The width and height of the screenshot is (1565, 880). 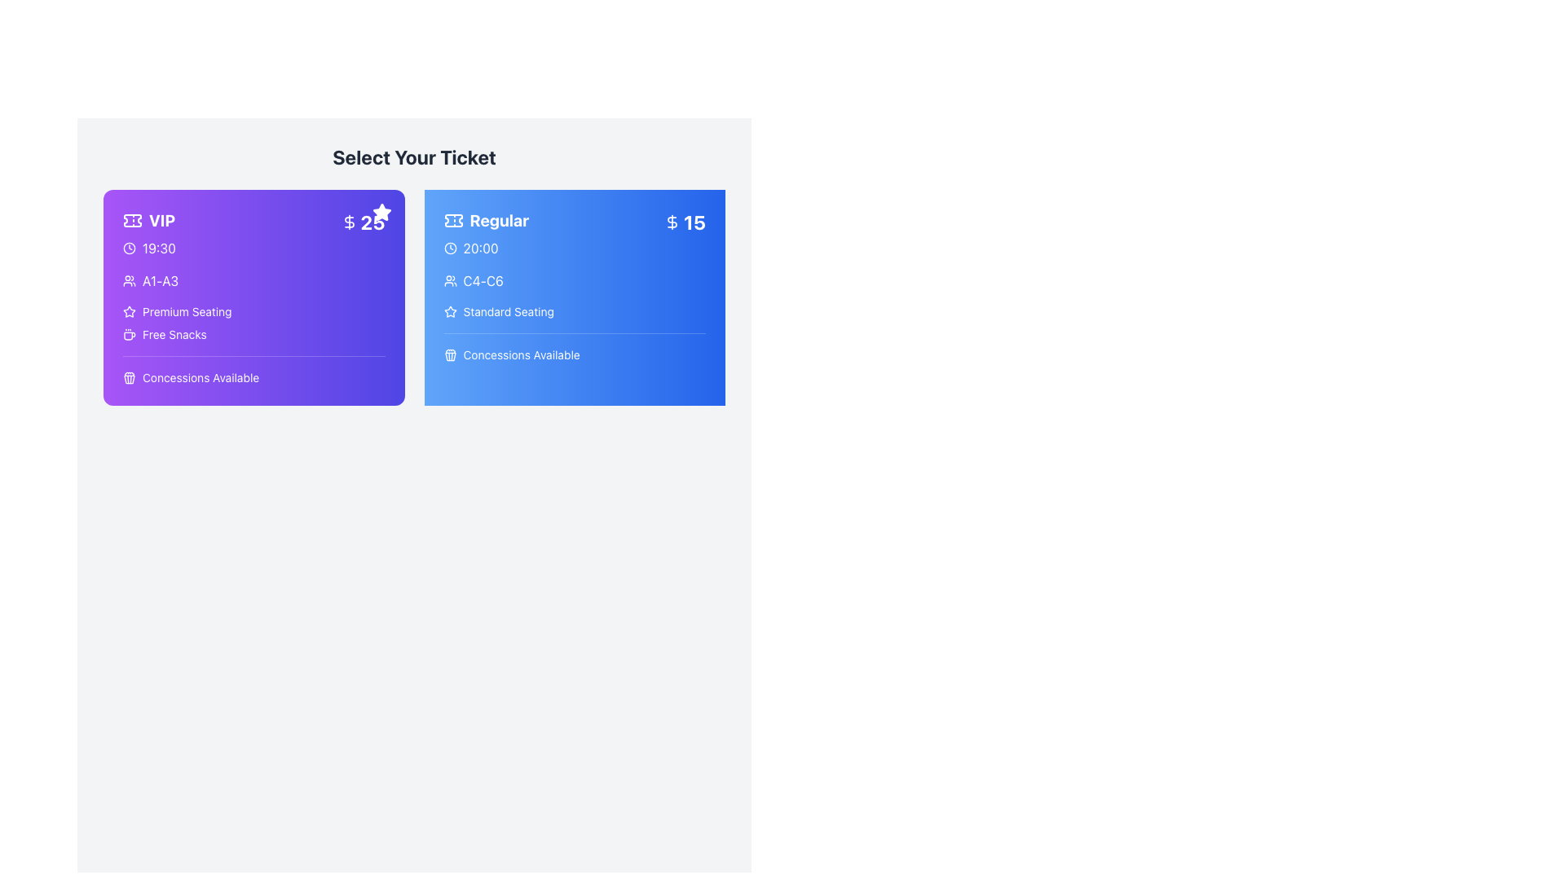 I want to click on the 'VIP' status icon located in the top-right corner of the card labeled 'VIP $25', which is positioned on the gradient purple header, so click(x=128, y=311).